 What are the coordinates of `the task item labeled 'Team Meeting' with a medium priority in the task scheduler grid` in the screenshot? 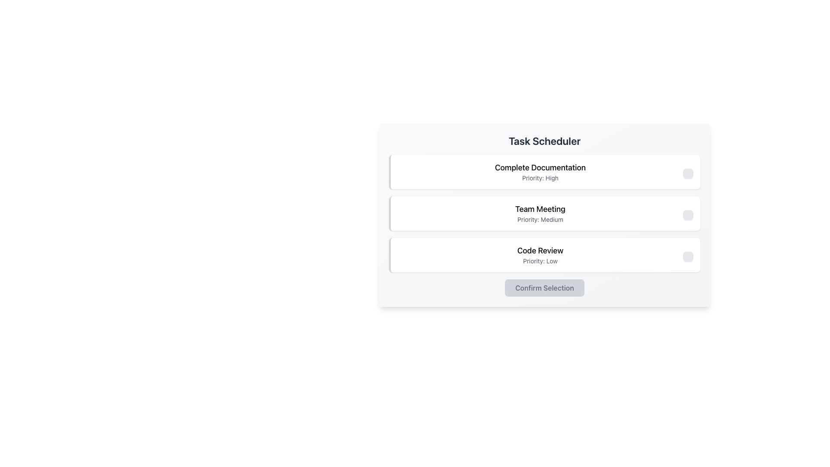 It's located at (544, 213).